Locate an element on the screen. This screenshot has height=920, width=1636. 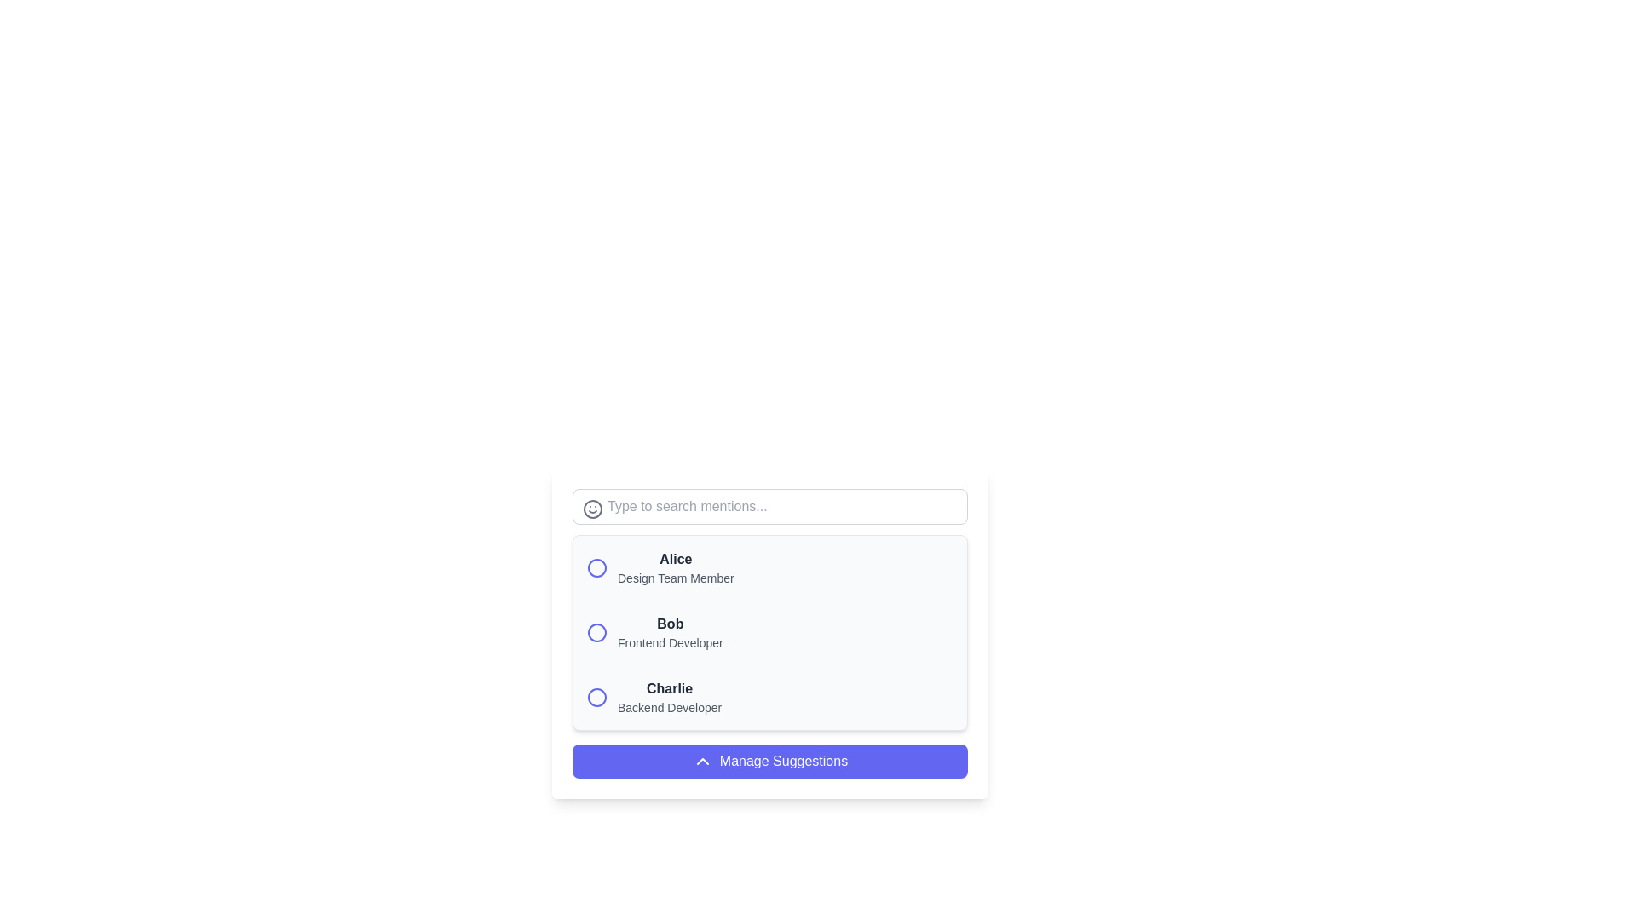
text 'Bob' which is styled in a bold font and dark color, located at the top center of the second selectable card in the list is located at coordinates (669, 624).